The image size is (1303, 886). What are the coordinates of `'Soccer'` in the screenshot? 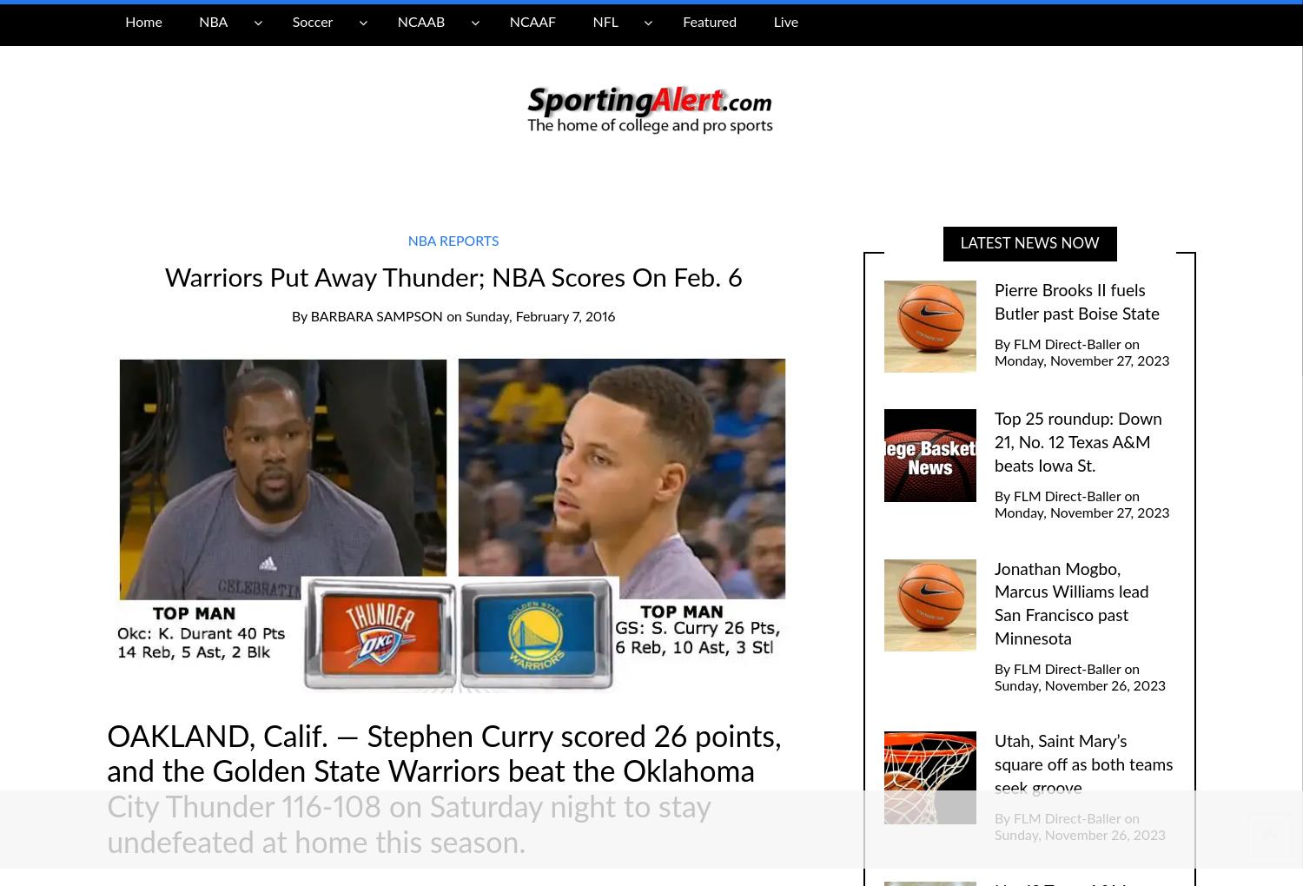 It's located at (311, 22).